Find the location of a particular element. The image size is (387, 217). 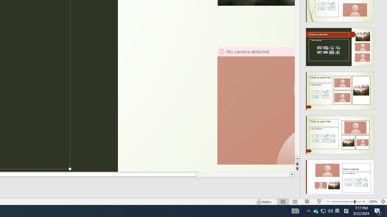

'Zoom 280%' is located at coordinates (373, 202).